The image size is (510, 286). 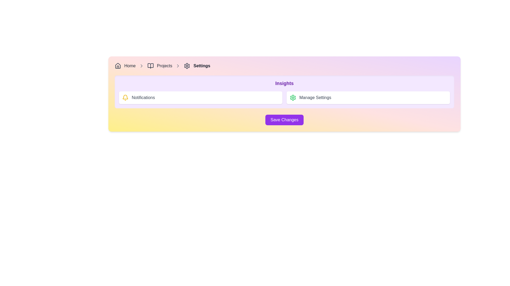 What do you see at coordinates (293, 98) in the screenshot?
I see `the green cogwheel icon located at the top right of the breadcrumb navigation bar in the 'Settings' section` at bounding box center [293, 98].